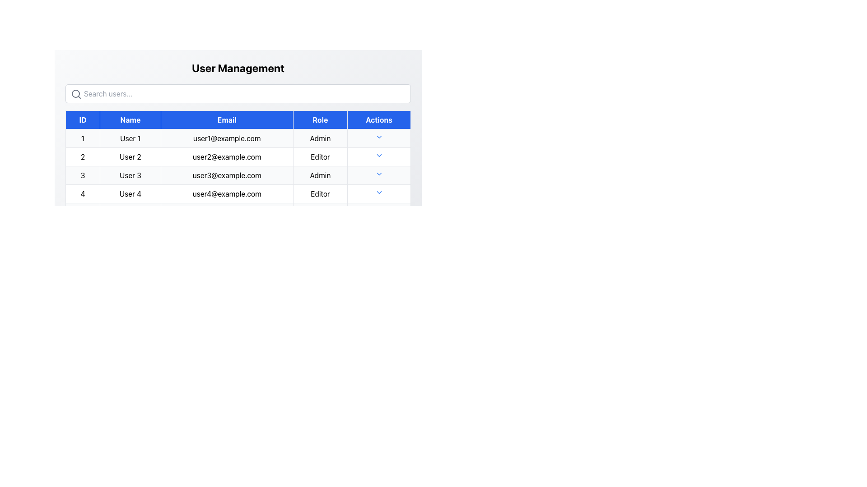 Image resolution: width=867 pixels, height=487 pixels. What do you see at coordinates (379, 193) in the screenshot?
I see `the blue downward-pointing triangle icon in the 'Actions' column for 'User 4'` at bounding box center [379, 193].